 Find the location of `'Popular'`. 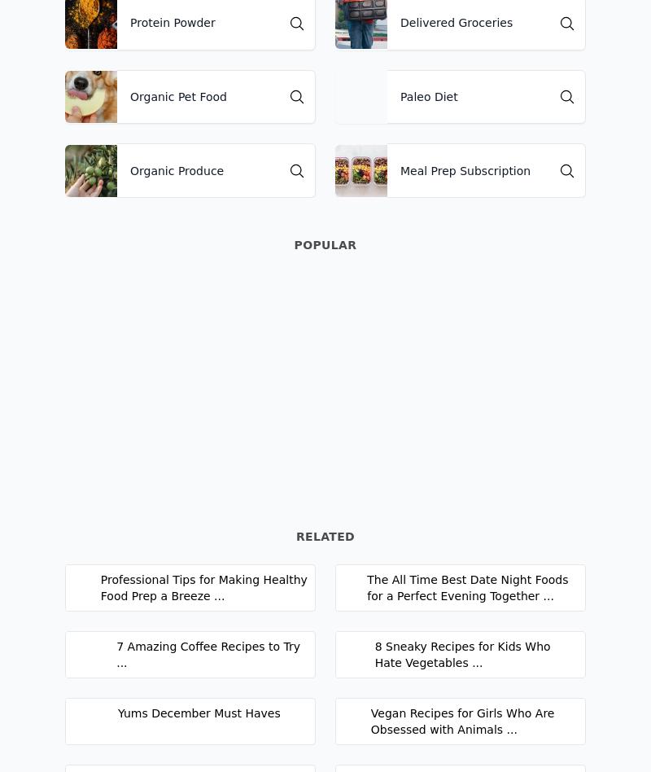

'Popular' is located at coordinates (293, 244).